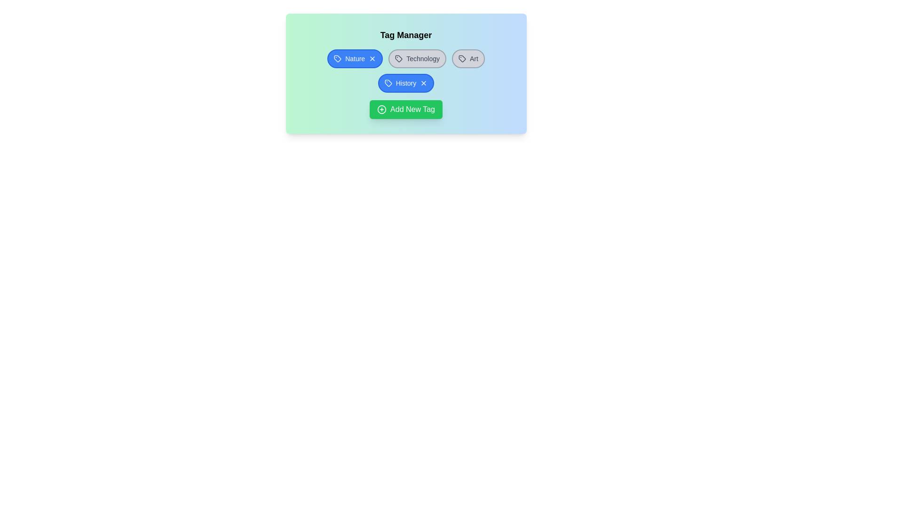  Describe the element at coordinates (406, 83) in the screenshot. I see `the tag labeled History to toggle its selection` at that location.